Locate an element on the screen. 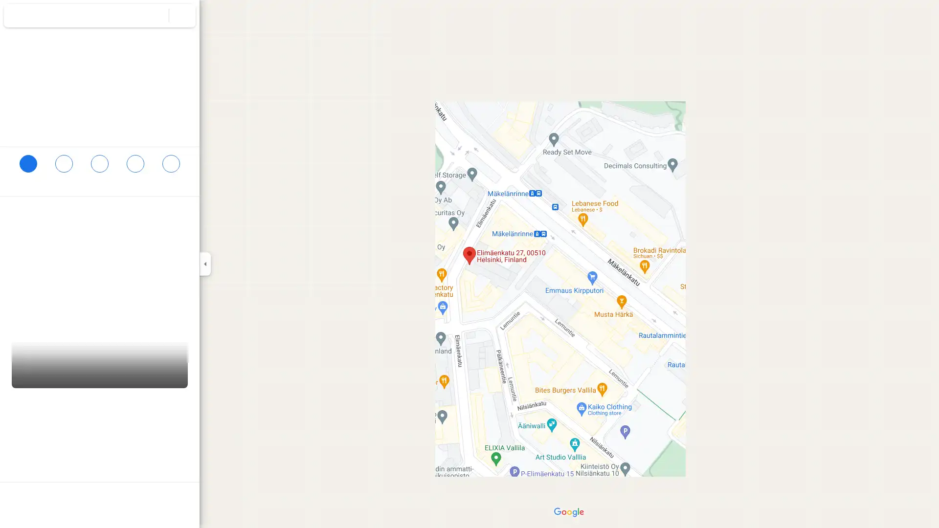 This screenshot has height=528, width=939. Directions to Elimaenkatu 27 is located at coordinates (28, 167).